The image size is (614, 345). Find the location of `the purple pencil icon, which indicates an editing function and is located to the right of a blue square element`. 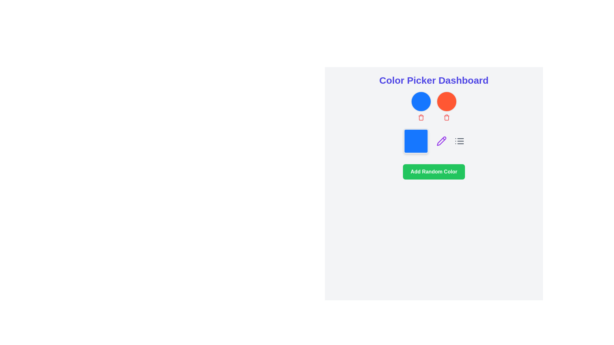

the purple pencil icon, which indicates an editing function and is located to the right of a blue square element is located at coordinates (441, 141).